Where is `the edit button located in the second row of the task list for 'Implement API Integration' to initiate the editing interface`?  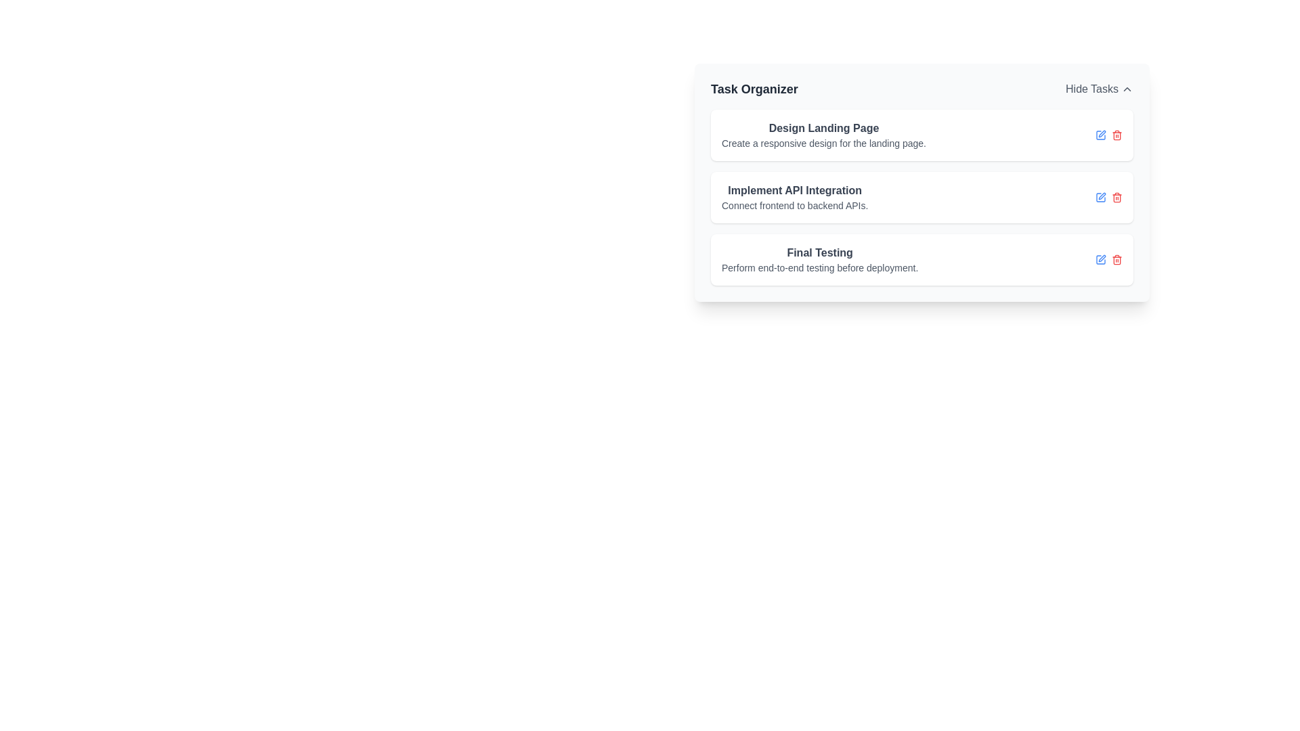
the edit button located in the second row of the task list for 'Implement API Integration' to initiate the editing interface is located at coordinates (1101, 198).